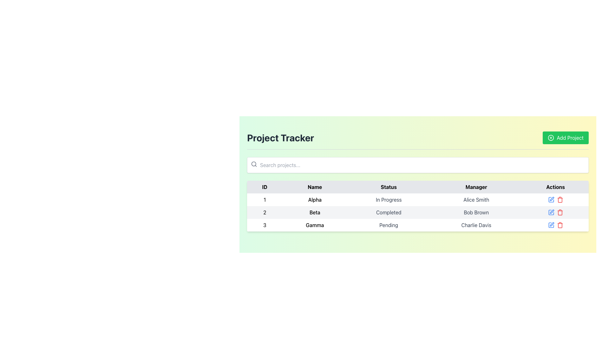 This screenshot has height=343, width=609. What do you see at coordinates (315, 225) in the screenshot?
I see `the text label displaying 'Gamma' in the third row of the table under the 'Name' column` at bounding box center [315, 225].